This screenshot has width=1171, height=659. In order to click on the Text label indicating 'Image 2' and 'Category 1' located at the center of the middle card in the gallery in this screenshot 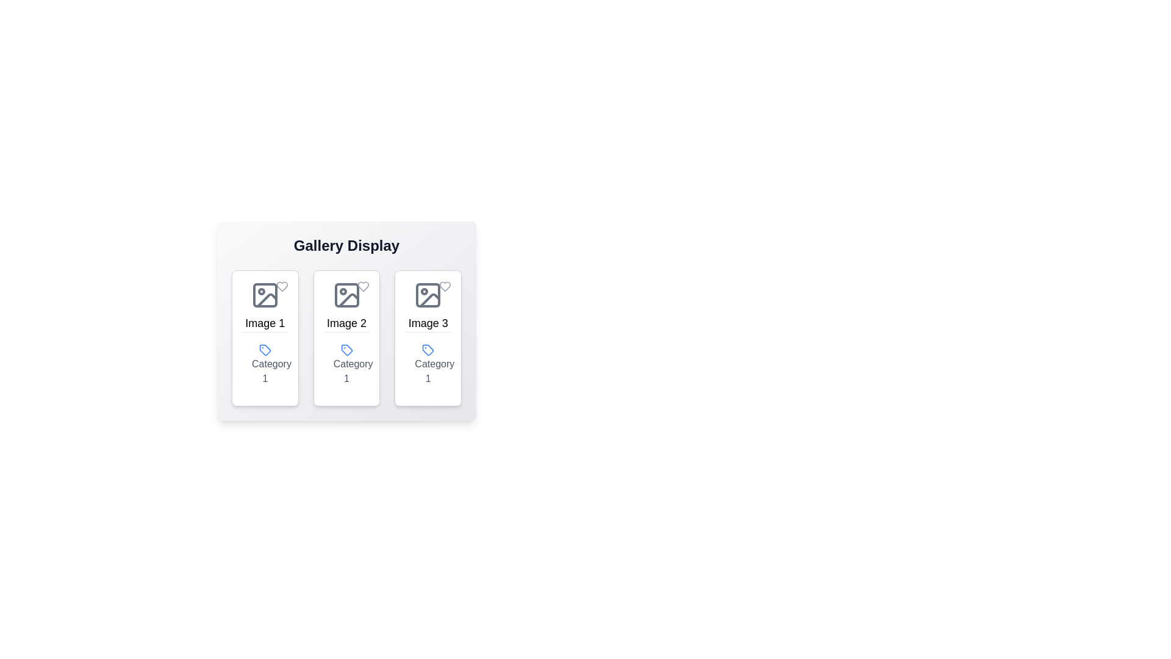, I will do `click(346, 305)`.